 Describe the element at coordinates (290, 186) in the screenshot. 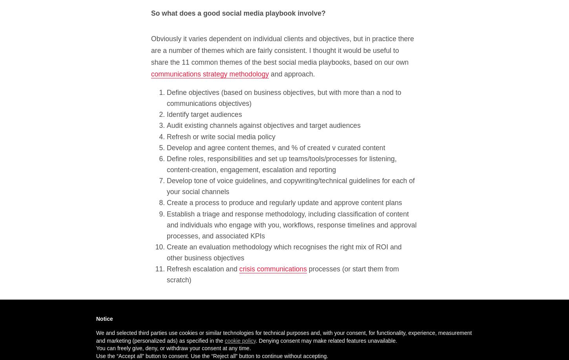

I see `'Develop tone of voice guidelines, and copywriting/technical guidelines for each of your social channels'` at that location.